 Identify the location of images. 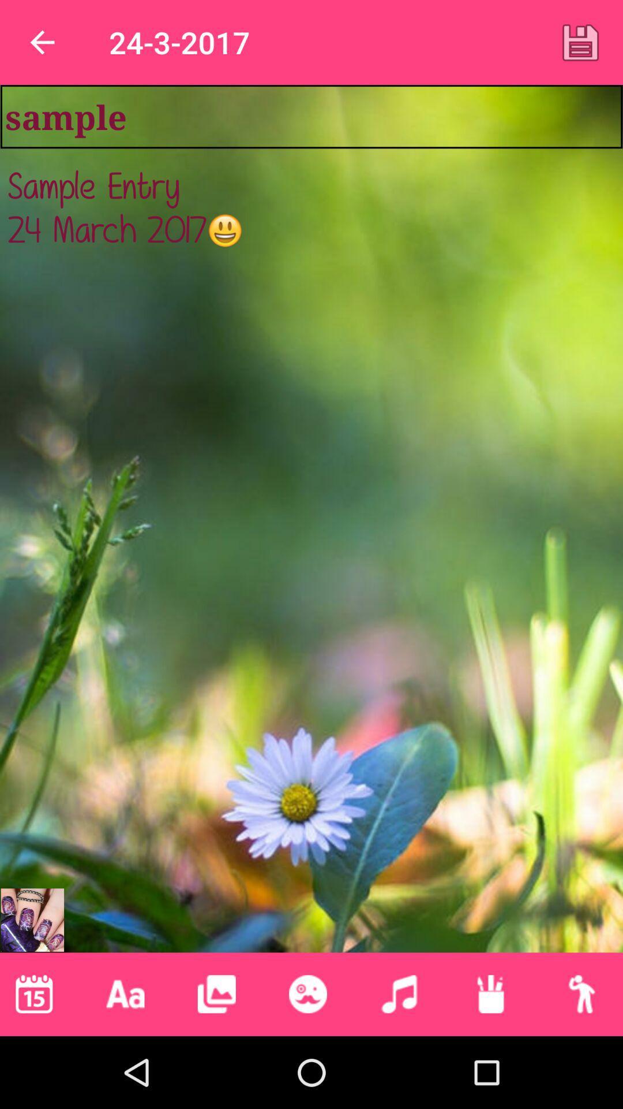
(216, 993).